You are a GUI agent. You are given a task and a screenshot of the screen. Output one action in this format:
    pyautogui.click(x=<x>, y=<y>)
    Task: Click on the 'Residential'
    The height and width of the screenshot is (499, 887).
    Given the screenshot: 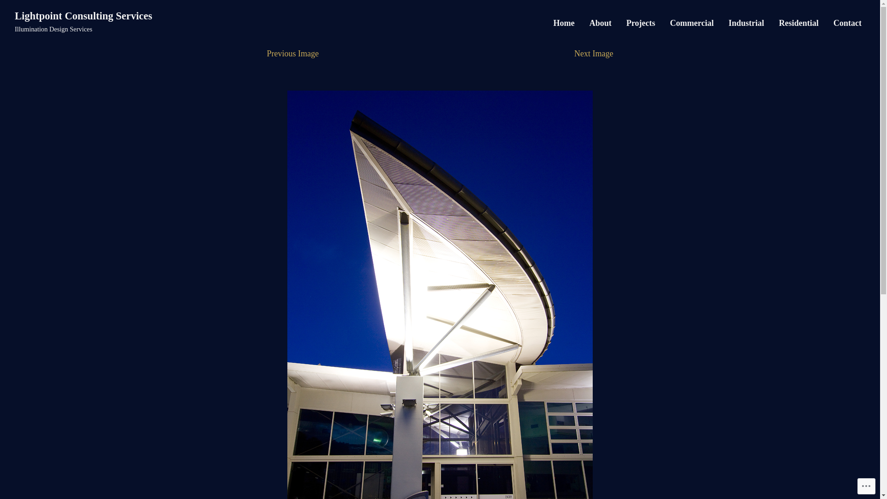 What is the action you would take?
    pyautogui.click(x=798, y=23)
    